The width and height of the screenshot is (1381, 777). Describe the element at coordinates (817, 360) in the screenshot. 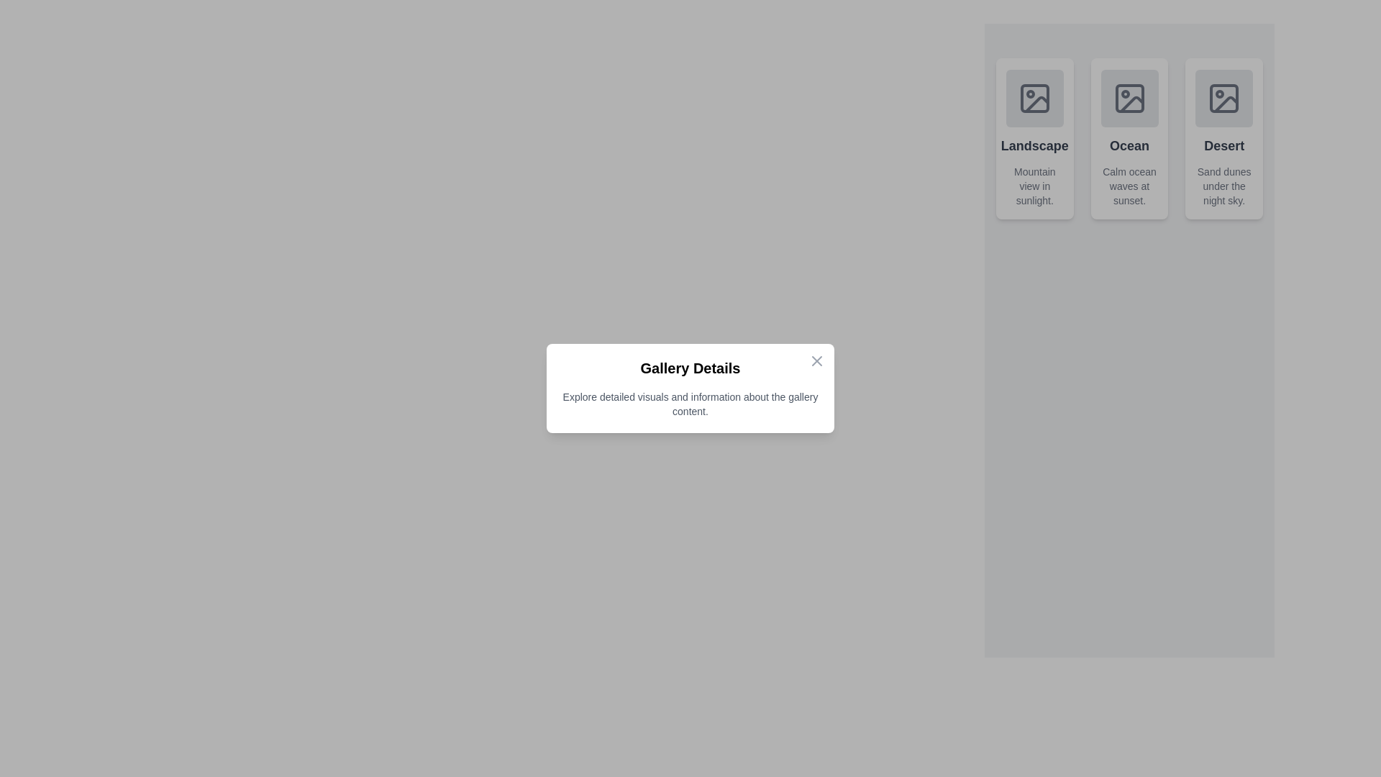

I see `the center of the Close Button Icon, which is a small 'X' located in the top-right corner of the 'Gallery Details' popup` at that location.